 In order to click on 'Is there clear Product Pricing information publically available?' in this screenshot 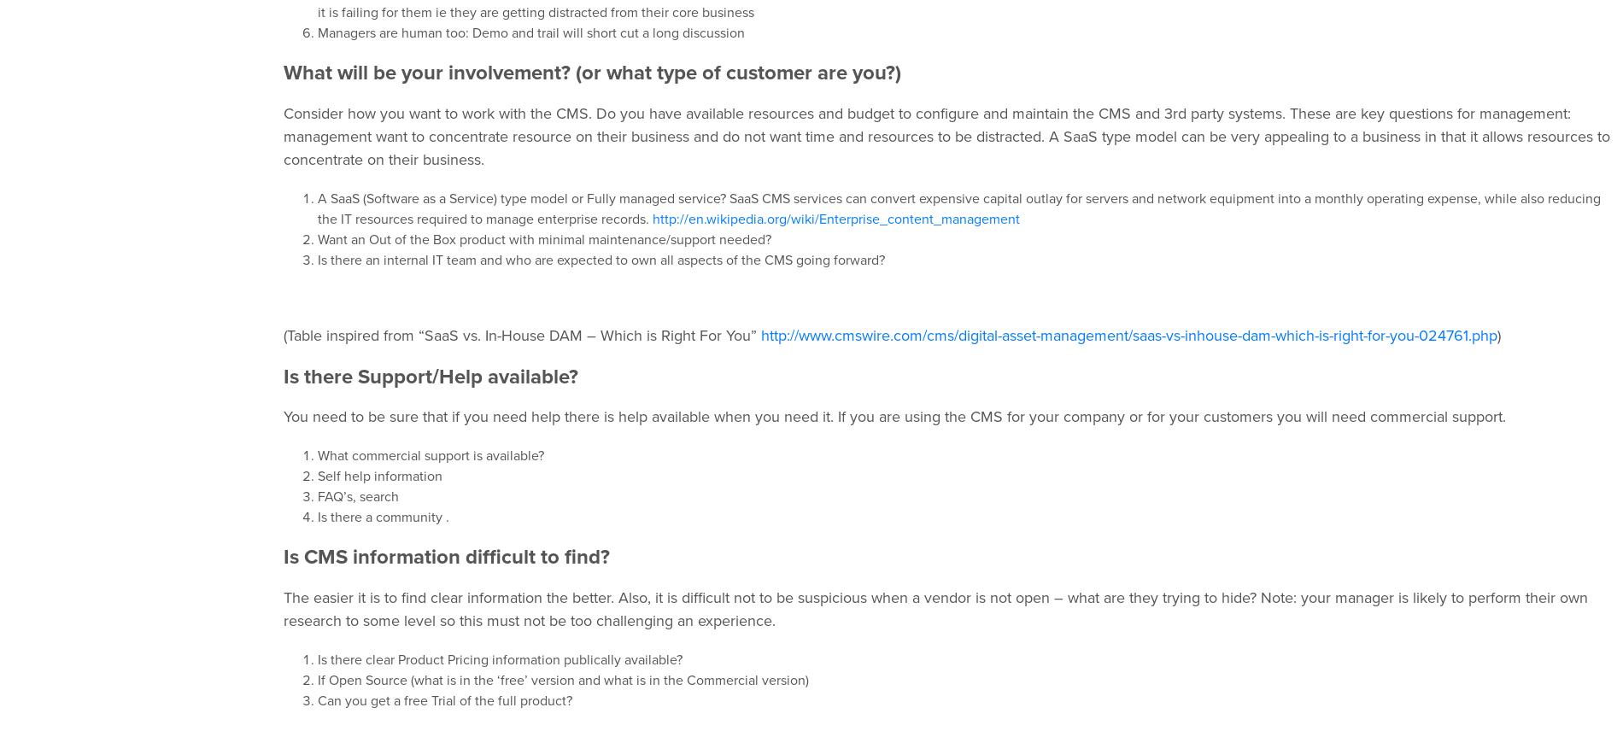, I will do `click(499, 658)`.